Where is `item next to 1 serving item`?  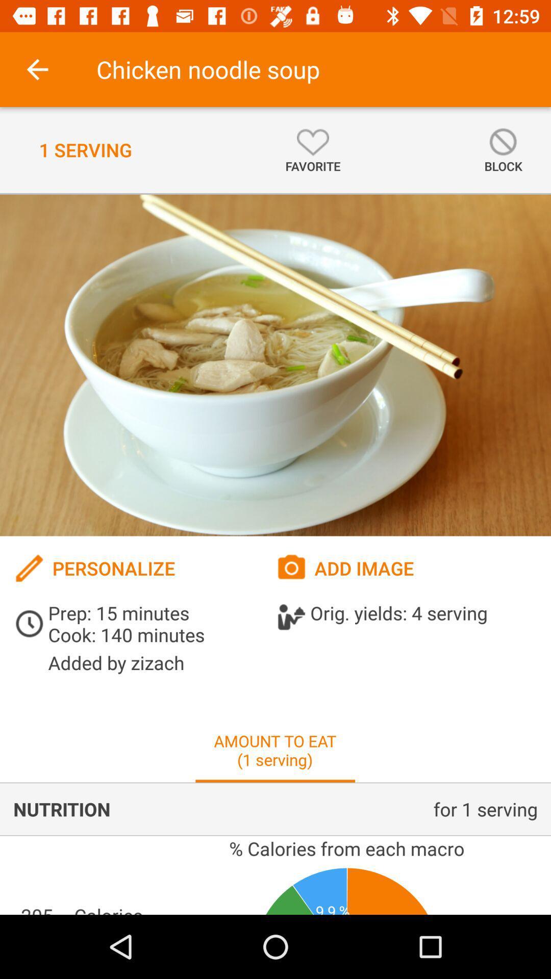 item next to 1 serving item is located at coordinates (312, 149).